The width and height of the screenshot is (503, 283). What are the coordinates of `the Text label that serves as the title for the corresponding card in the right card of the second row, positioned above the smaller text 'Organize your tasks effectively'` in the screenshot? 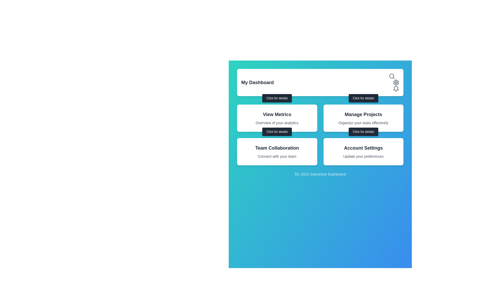 It's located at (363, 114).